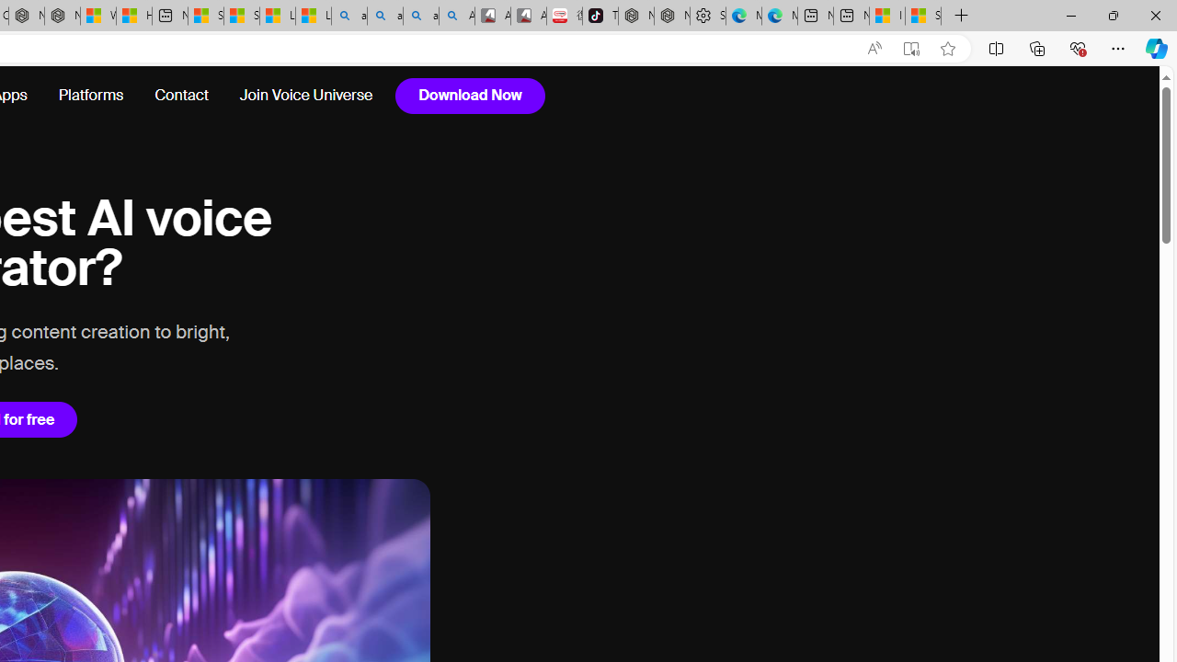  I want to click on 'Amazon Echo Robot - Search Images', so click(456, 16).